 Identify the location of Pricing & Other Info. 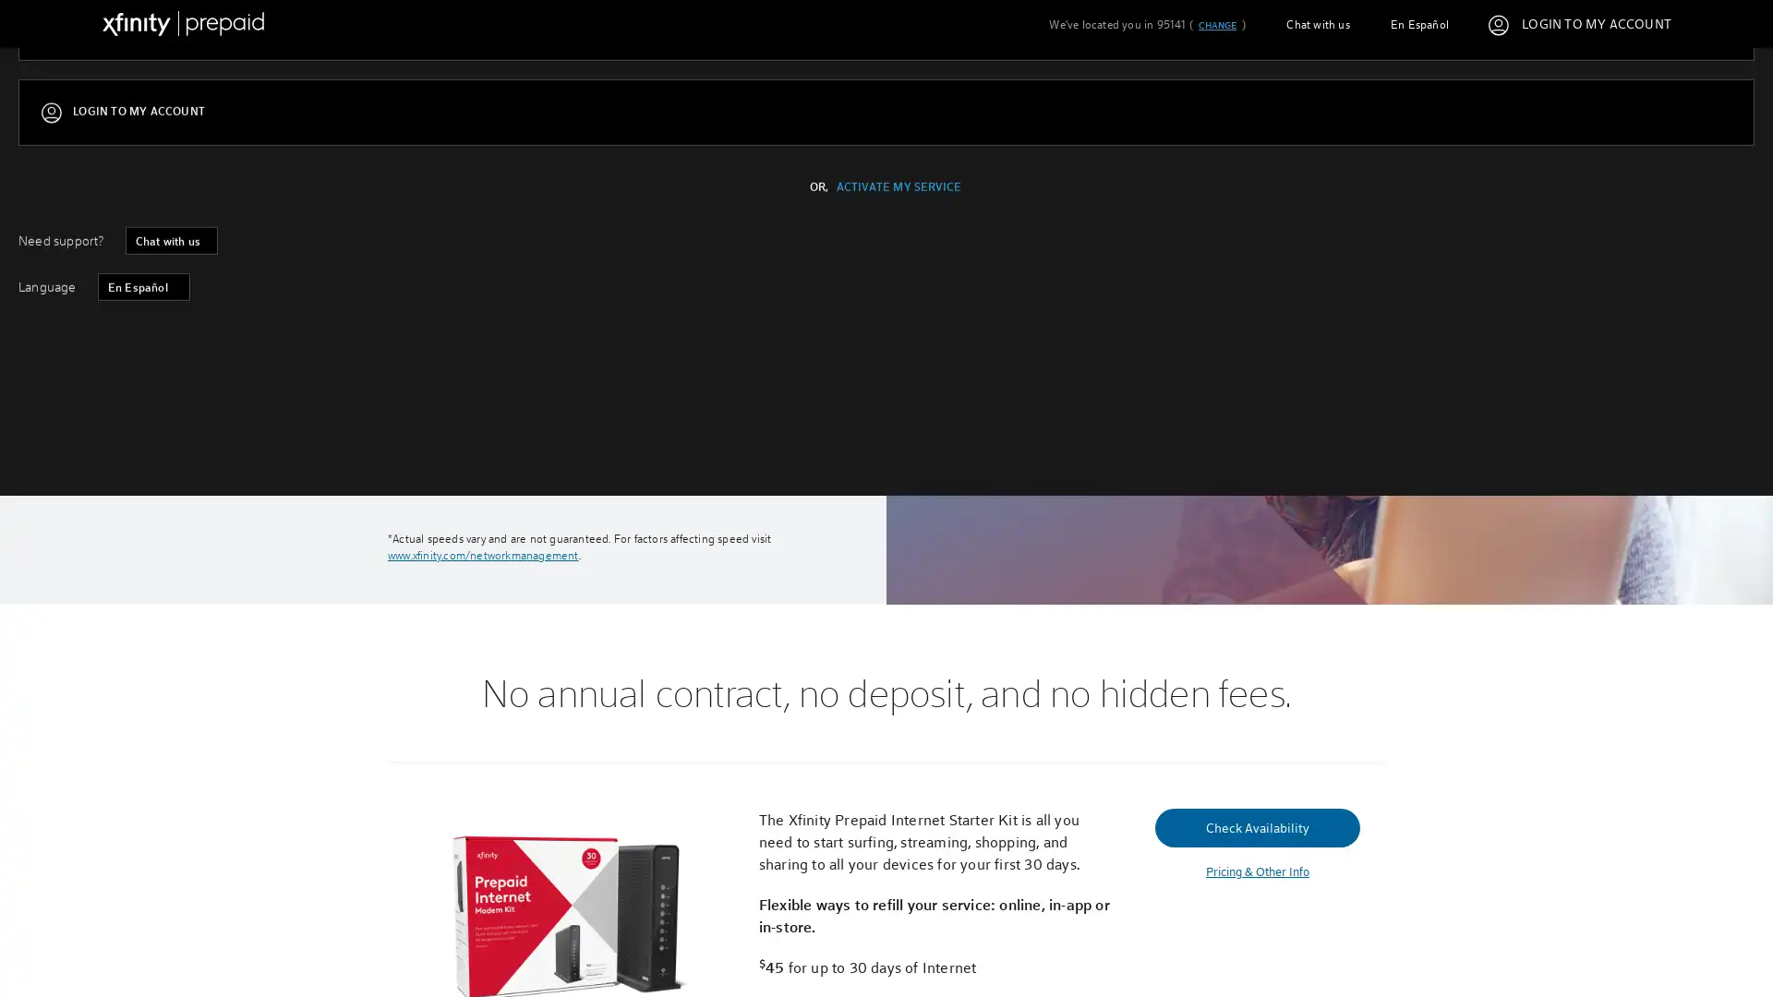
(490, 474).